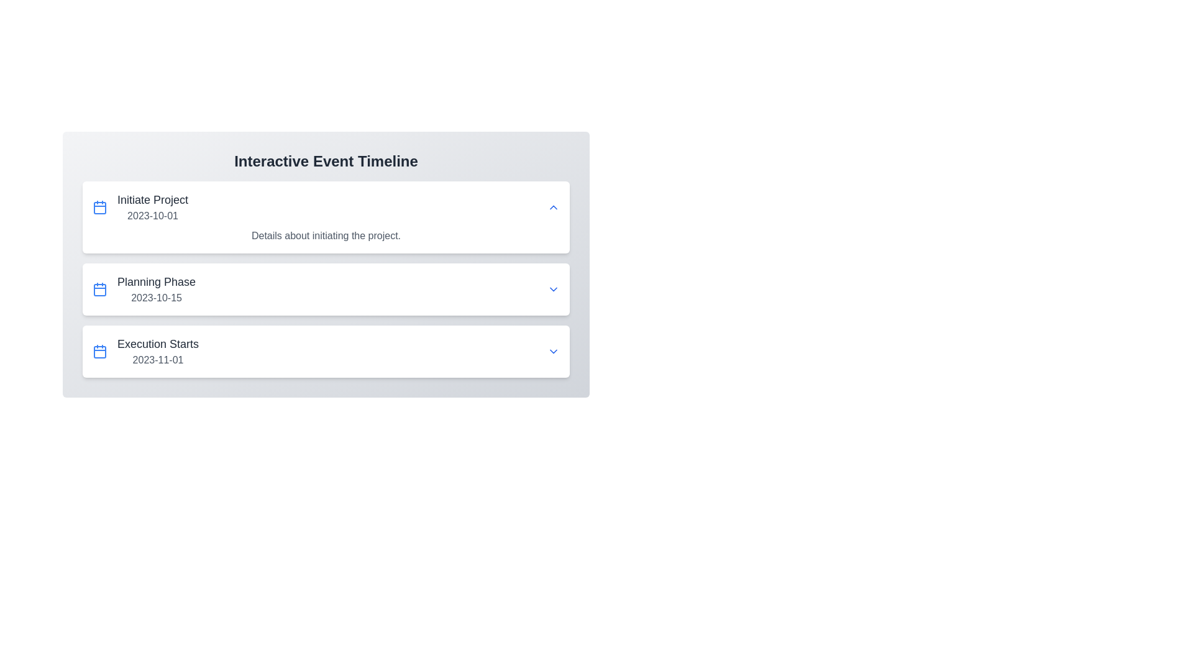  I want to click on the dropdown toggle button located at the extreme right of the 'Execution Starts' timeline event, so click(553, 352).